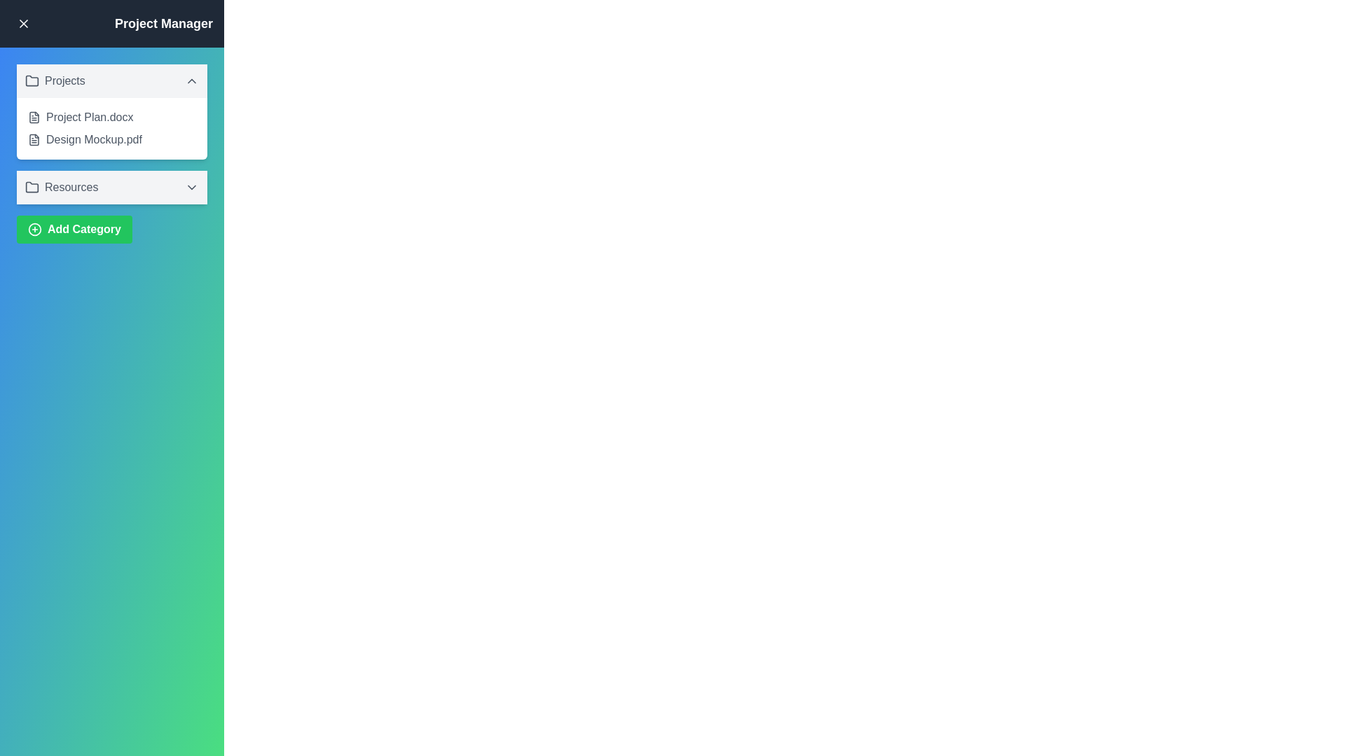 The width and height of the screenshot is (1345, 756). What do you see at coordinates (64, 80) in the screenshot?
I see `the 'Projects' text label which indicates the category of the collapsible section header for project items` at bounding box center [64, 80].